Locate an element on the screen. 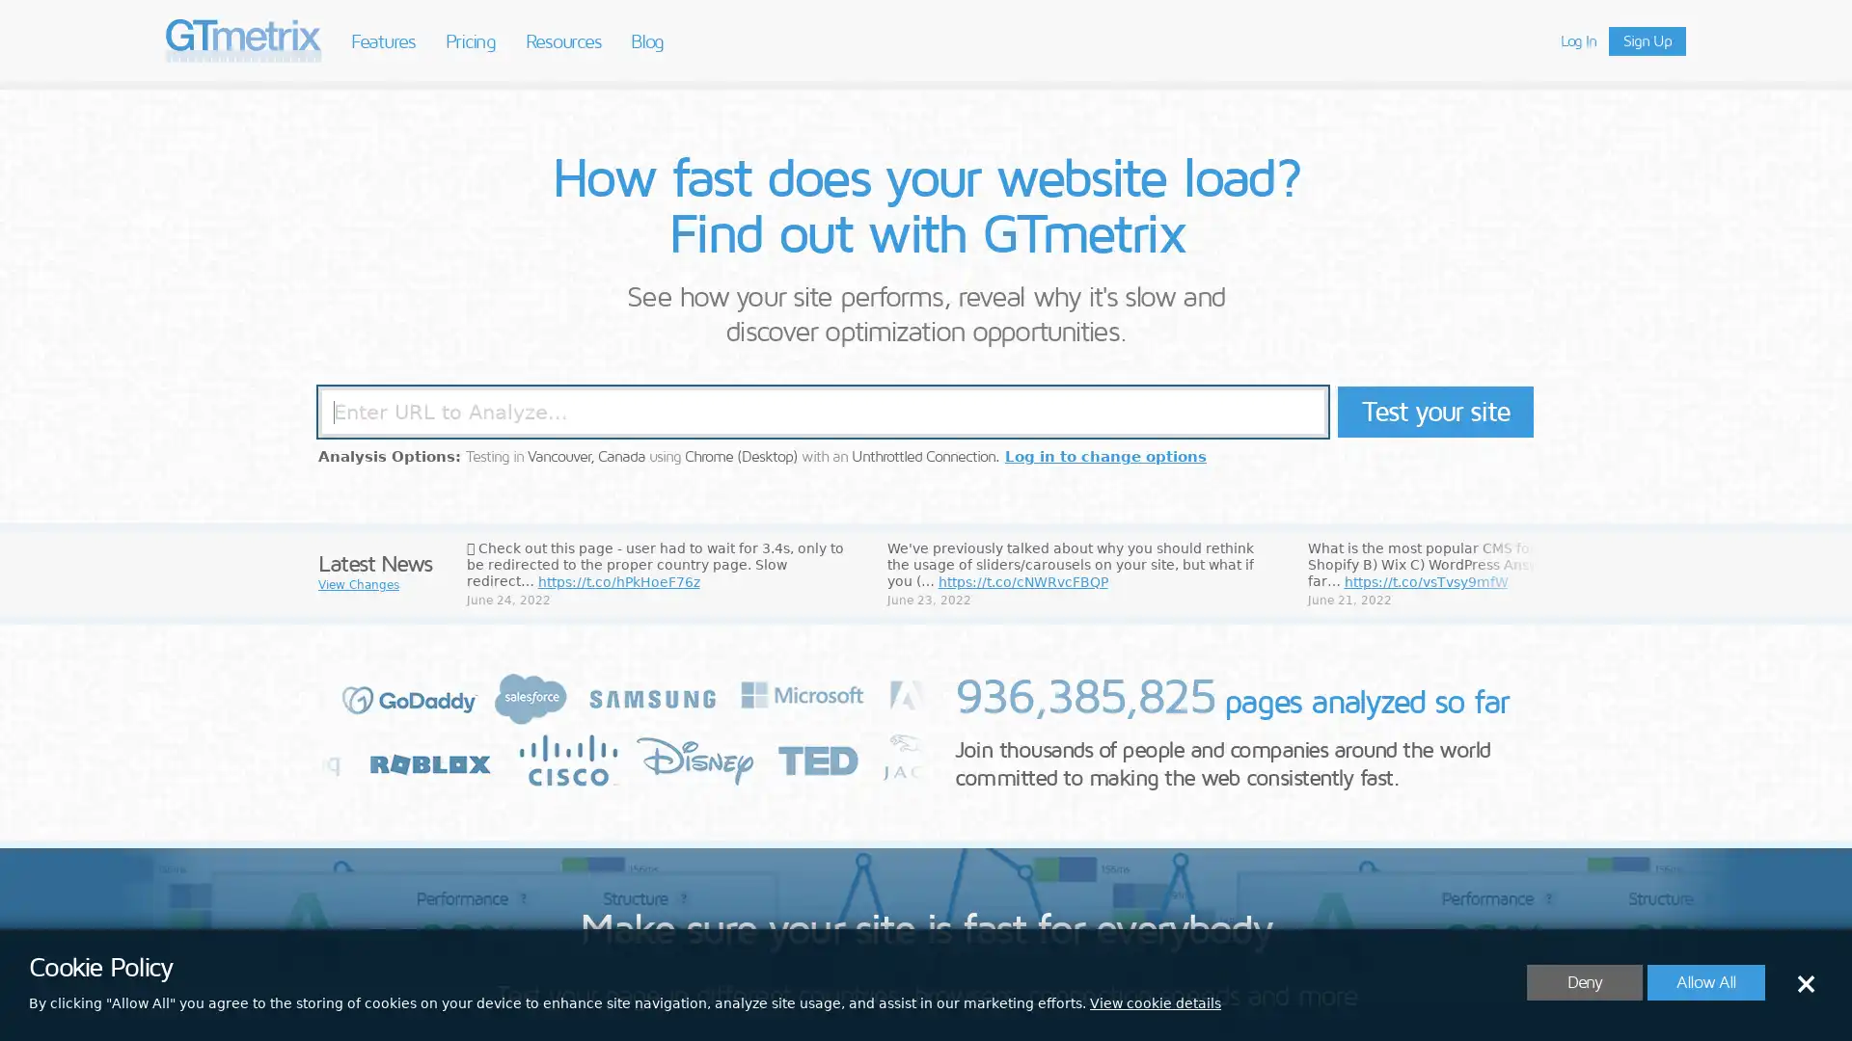 Image resolution: width=1852 pixels, height=1041 pixels. Test your site is located at coordinates (1435, 411).